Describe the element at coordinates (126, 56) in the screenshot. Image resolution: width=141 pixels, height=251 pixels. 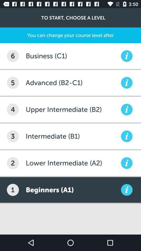
I see `more information` at that location.